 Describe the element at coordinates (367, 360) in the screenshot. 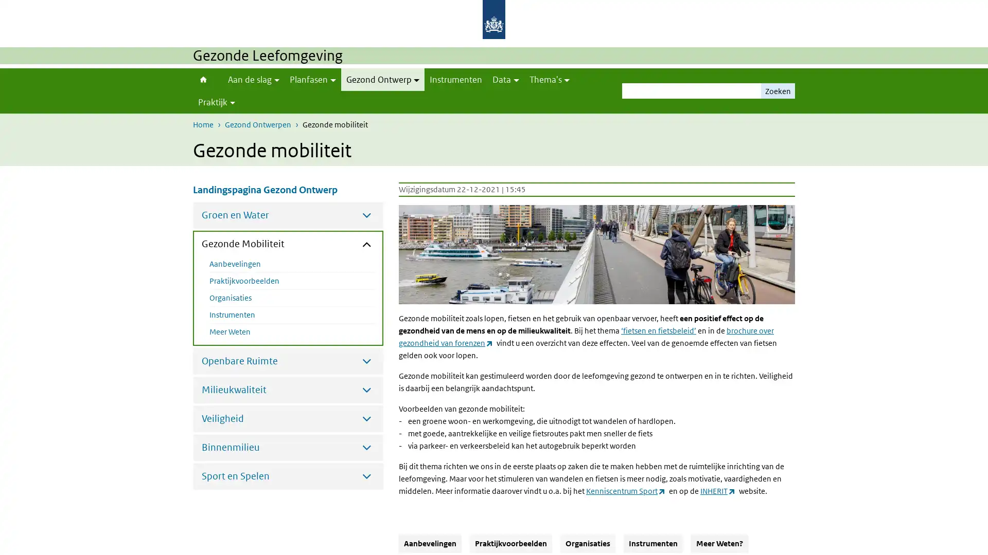

I see `Submenu openen` at that location.